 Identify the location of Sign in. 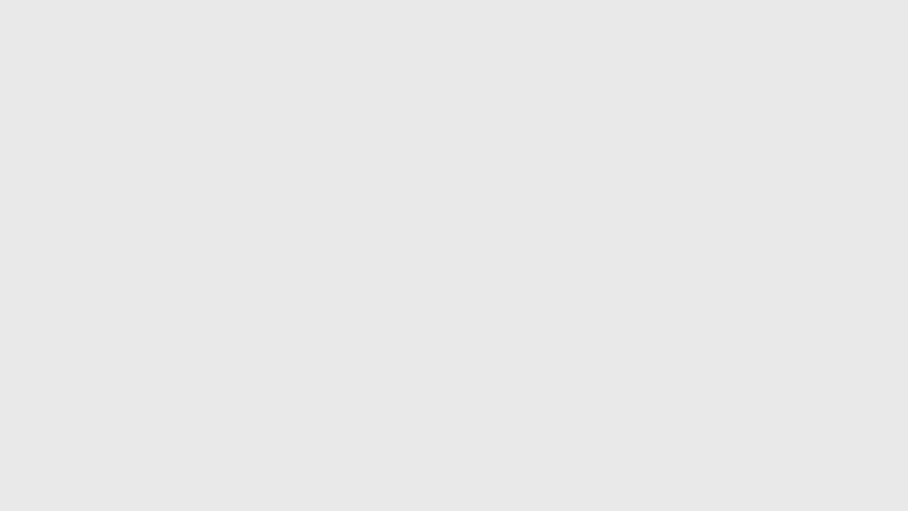
(538, 474).